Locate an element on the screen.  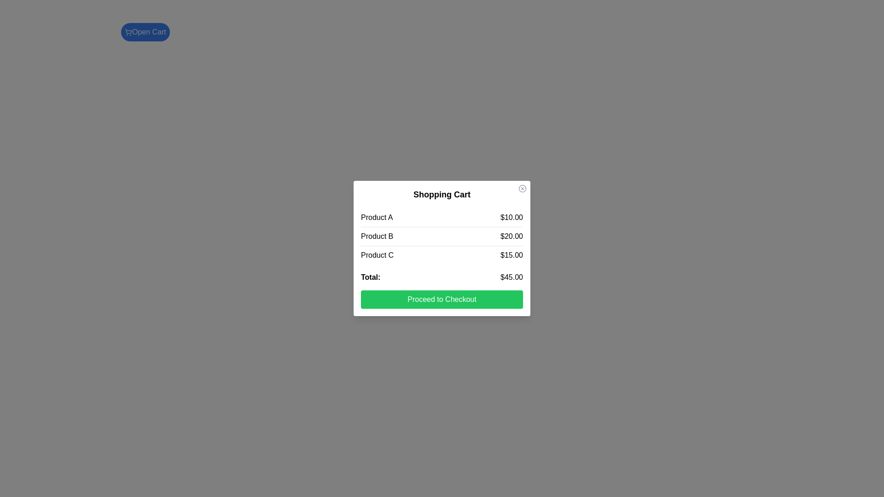
the first row in the shopping cart list that provides details about the first product item, including its name and price is located at coordinates (442, 218).